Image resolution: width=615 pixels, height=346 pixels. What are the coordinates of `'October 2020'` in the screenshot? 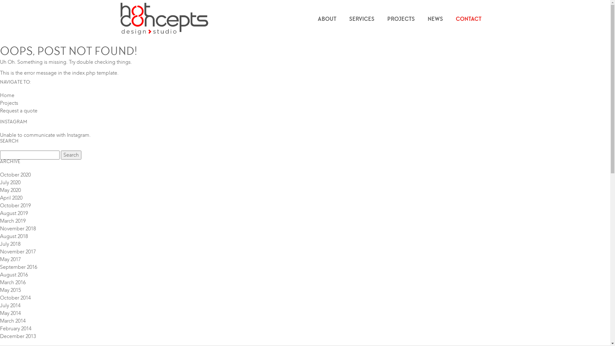 It's located at (0, 175).